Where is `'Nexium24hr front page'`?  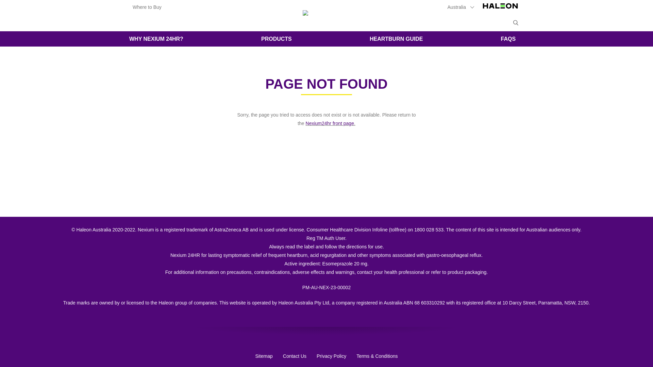
'Nexium24hr front page' is located at coordinates (330, 123).